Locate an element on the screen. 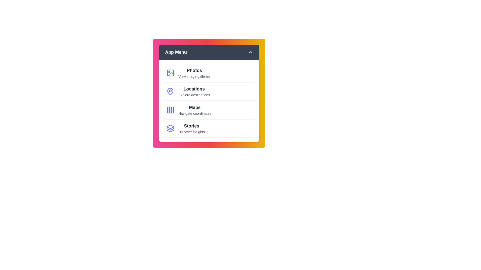  the menu item corresponding to Locations is located at coordinates (209, 91).